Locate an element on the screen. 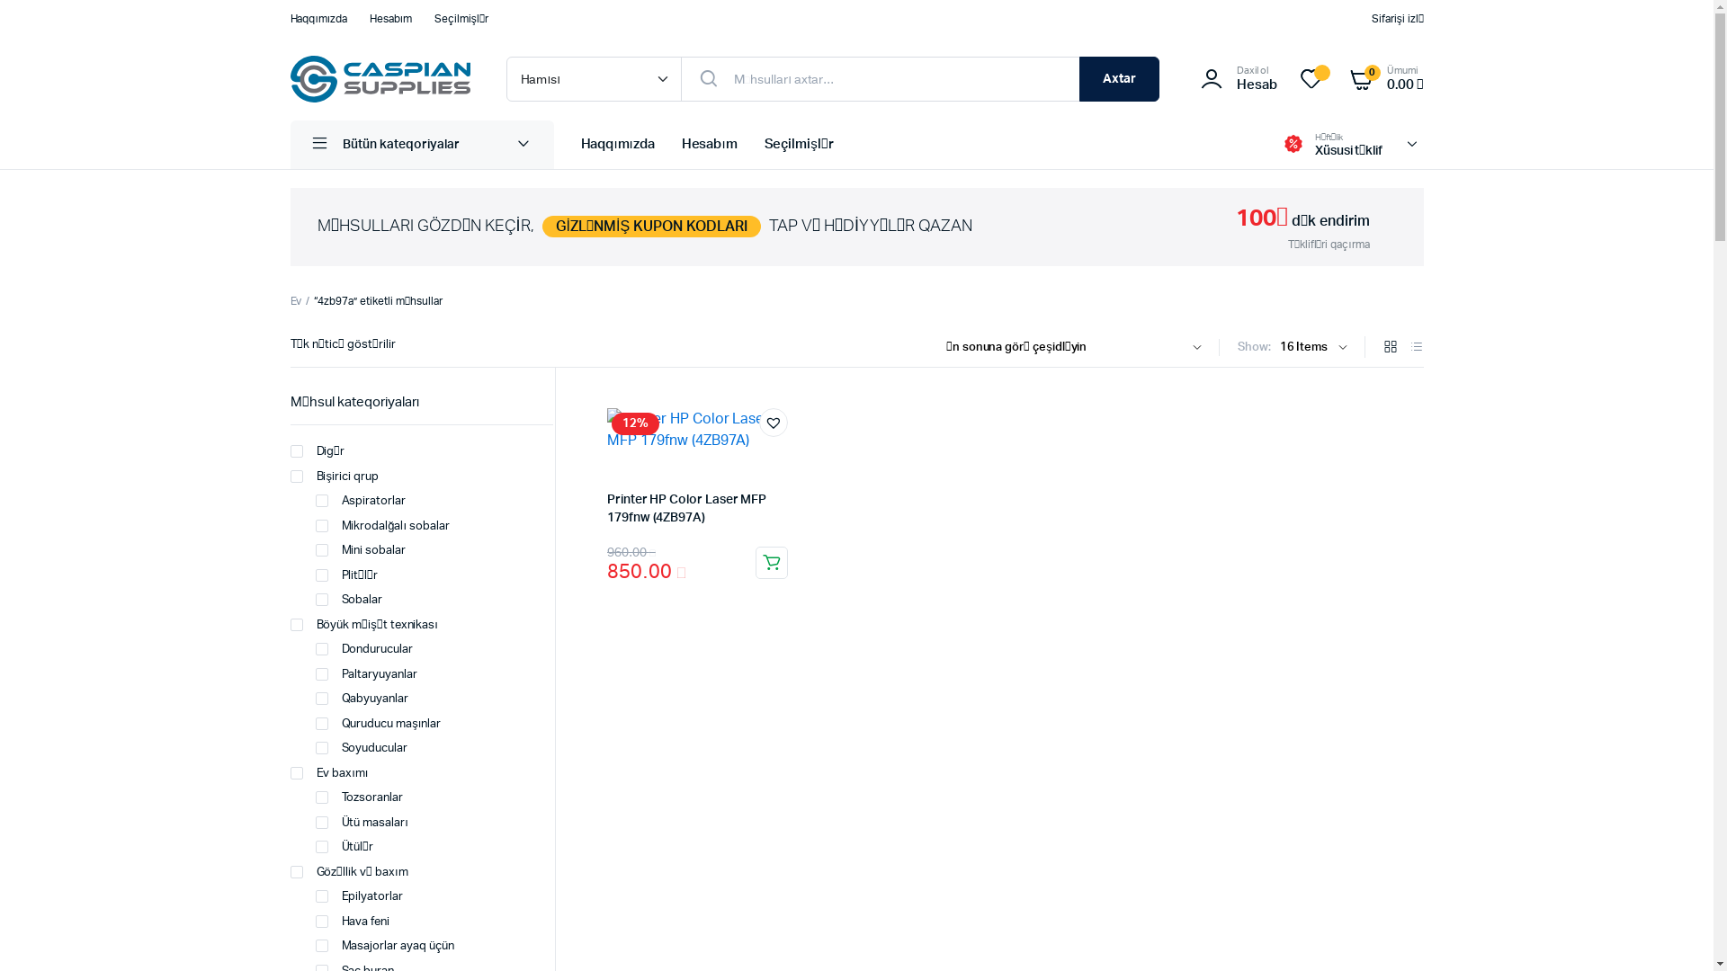  'Caspian Supplies' is located at coordinates (379, 78).